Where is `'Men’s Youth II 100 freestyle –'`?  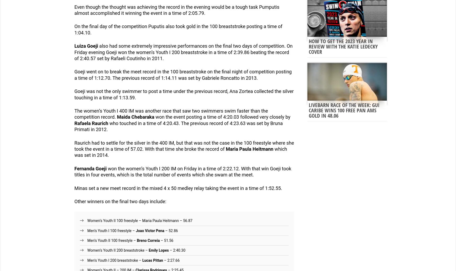
'Men’s Youth II 100 freestyle –' is located at coordinates (87, 240).